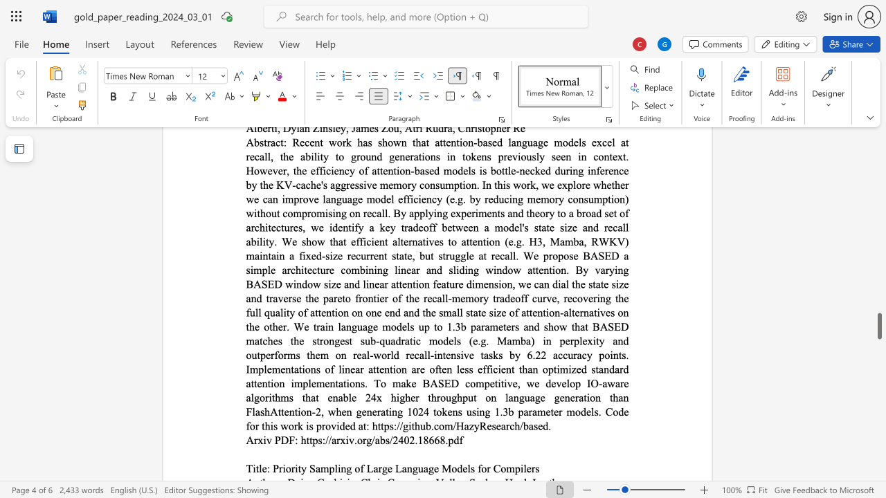 This screenshot has width=886, height=498. What do you see at coordinates (878, 234) in the screenshot?
I see `the scrollbar to scroll the page up` at bounding box center [878, 234].